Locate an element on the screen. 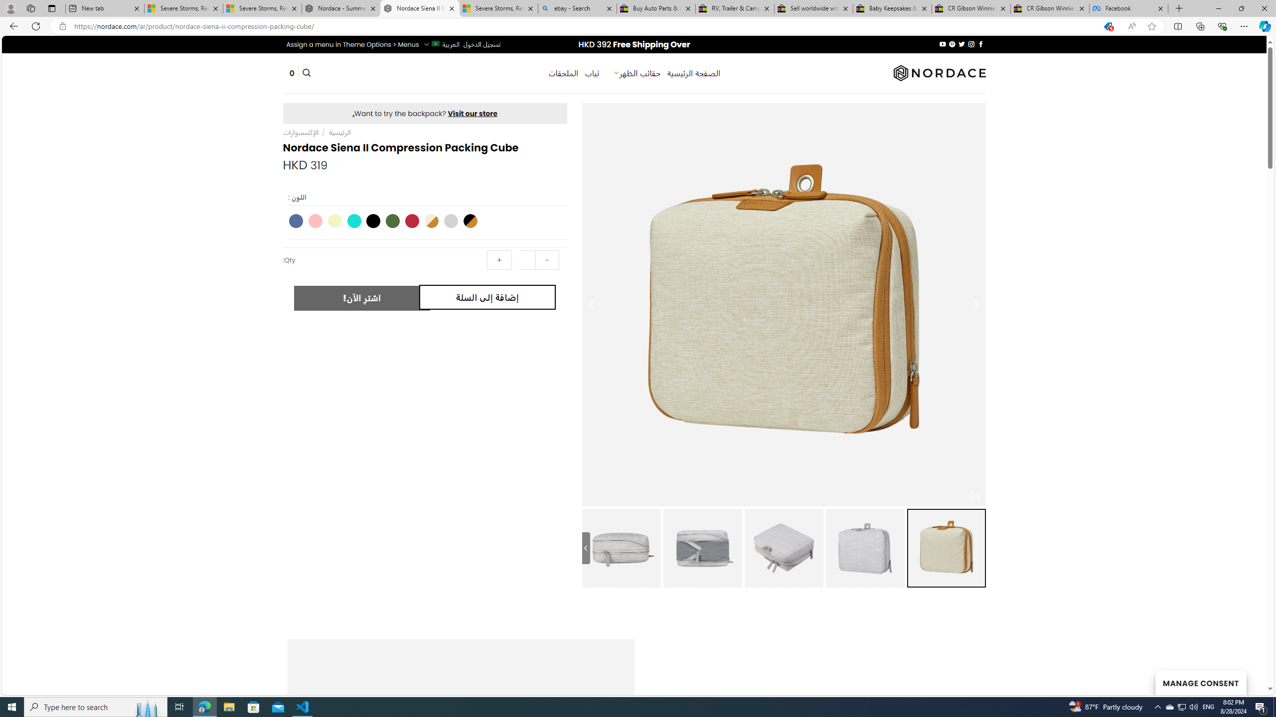  'You have the best price!' is located at coordinates (1107, 26).